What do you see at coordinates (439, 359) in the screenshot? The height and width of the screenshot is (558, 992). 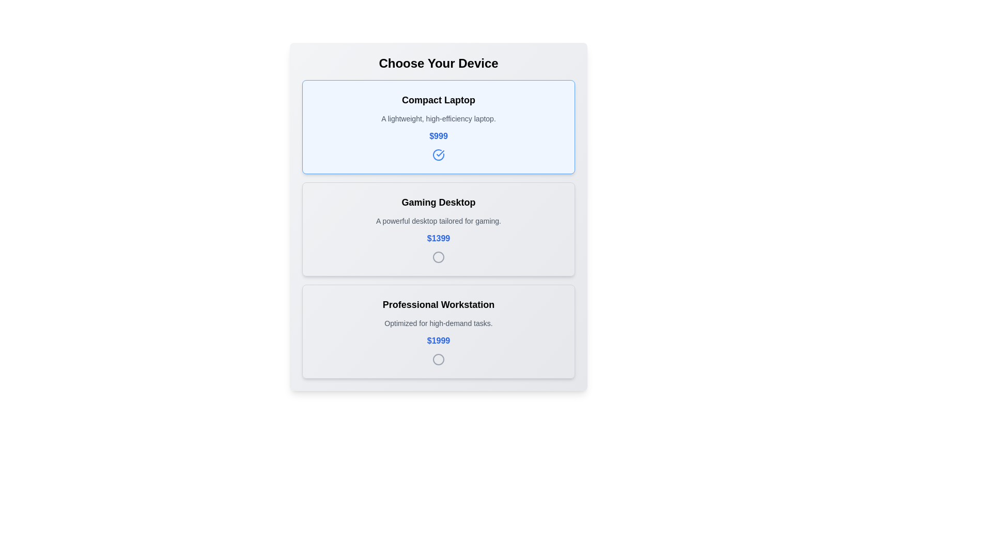 I see `the radio button for the 'Professional Workstation' option` at bounding box center [439, 359].